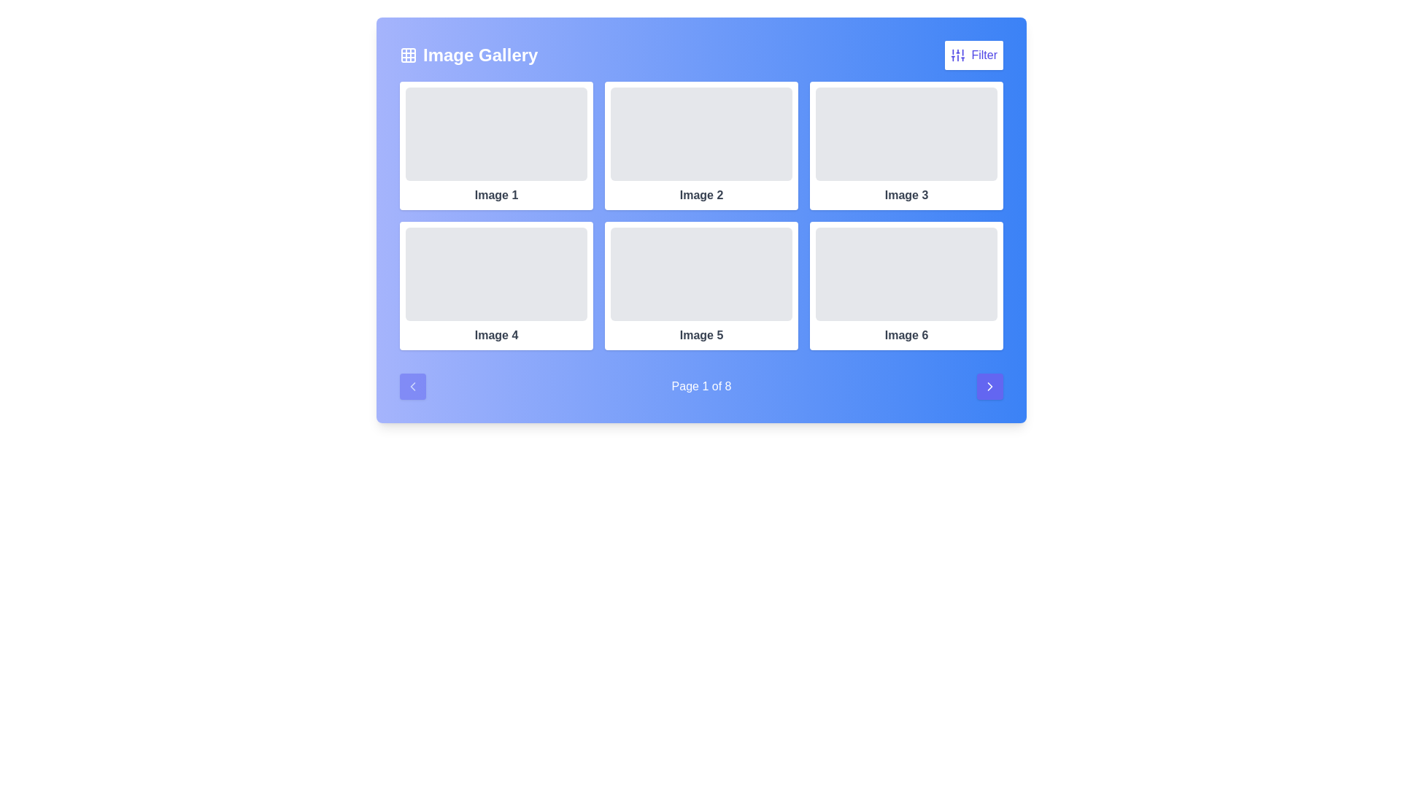 This screenshot has height=788, width=1401. I want to click on the image placeholder located in the first row, second column of the grid, so click(701, 134).